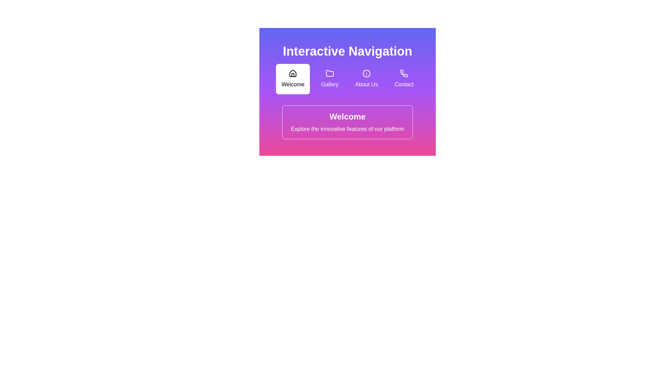 The image size is (664, 373). I want to click on the contact icon located in the top-right corner of the interface, beneath the label 'Contact', so click(404, 73).